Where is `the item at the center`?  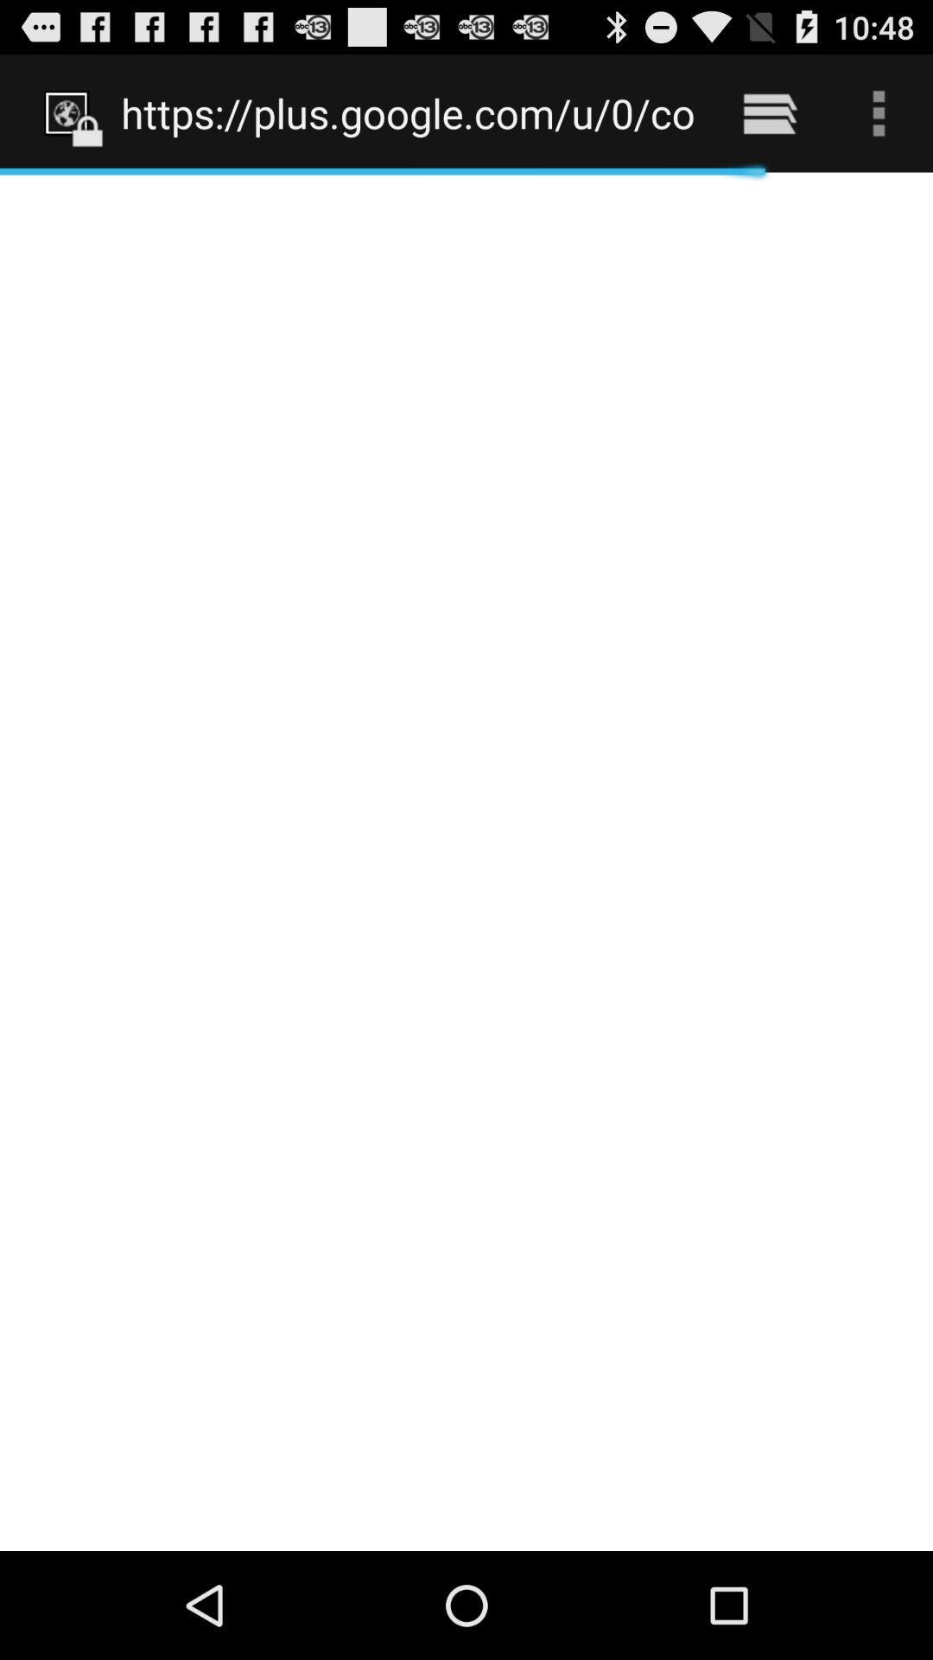
the item at the center is located at coordinates (466, 861).